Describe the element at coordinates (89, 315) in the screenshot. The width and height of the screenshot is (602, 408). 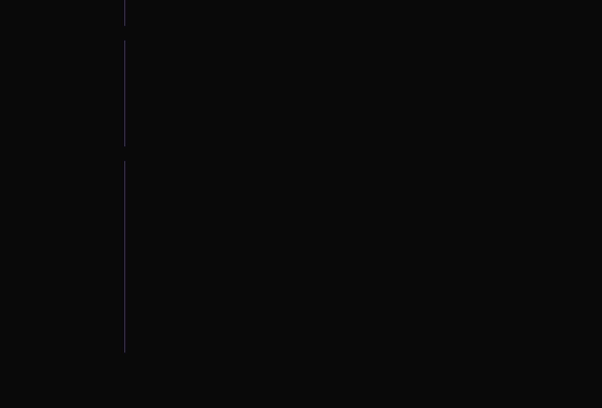
I see `'Palace Theatre'` at that location.